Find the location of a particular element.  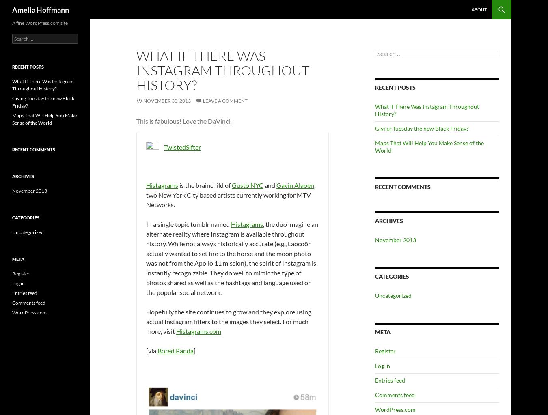

'Hopefully the site continues to grow and they explore using actual Instagram filters to the images they select. For much more, visit' is located at coordinates (228, 321).